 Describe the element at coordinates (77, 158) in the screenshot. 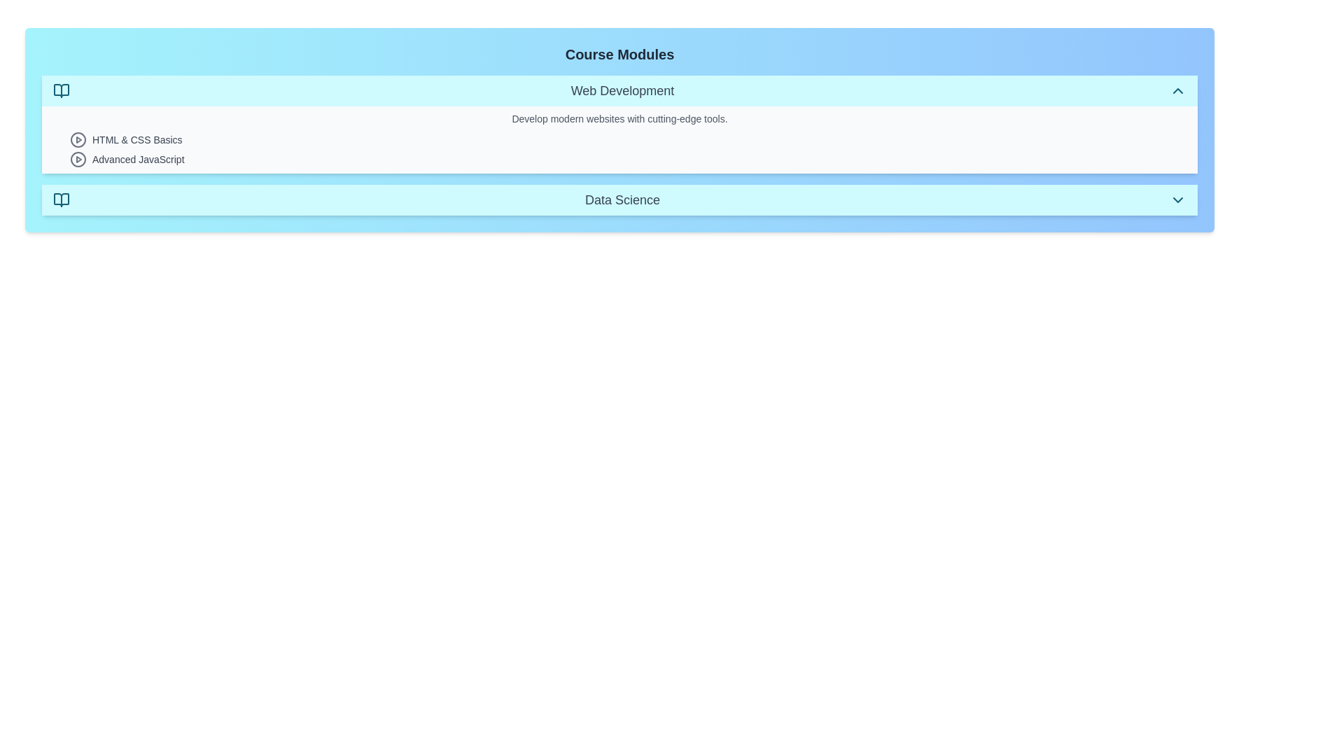

I see `the play button located to the left of the 'Advanced JavaScript' label` at that location.